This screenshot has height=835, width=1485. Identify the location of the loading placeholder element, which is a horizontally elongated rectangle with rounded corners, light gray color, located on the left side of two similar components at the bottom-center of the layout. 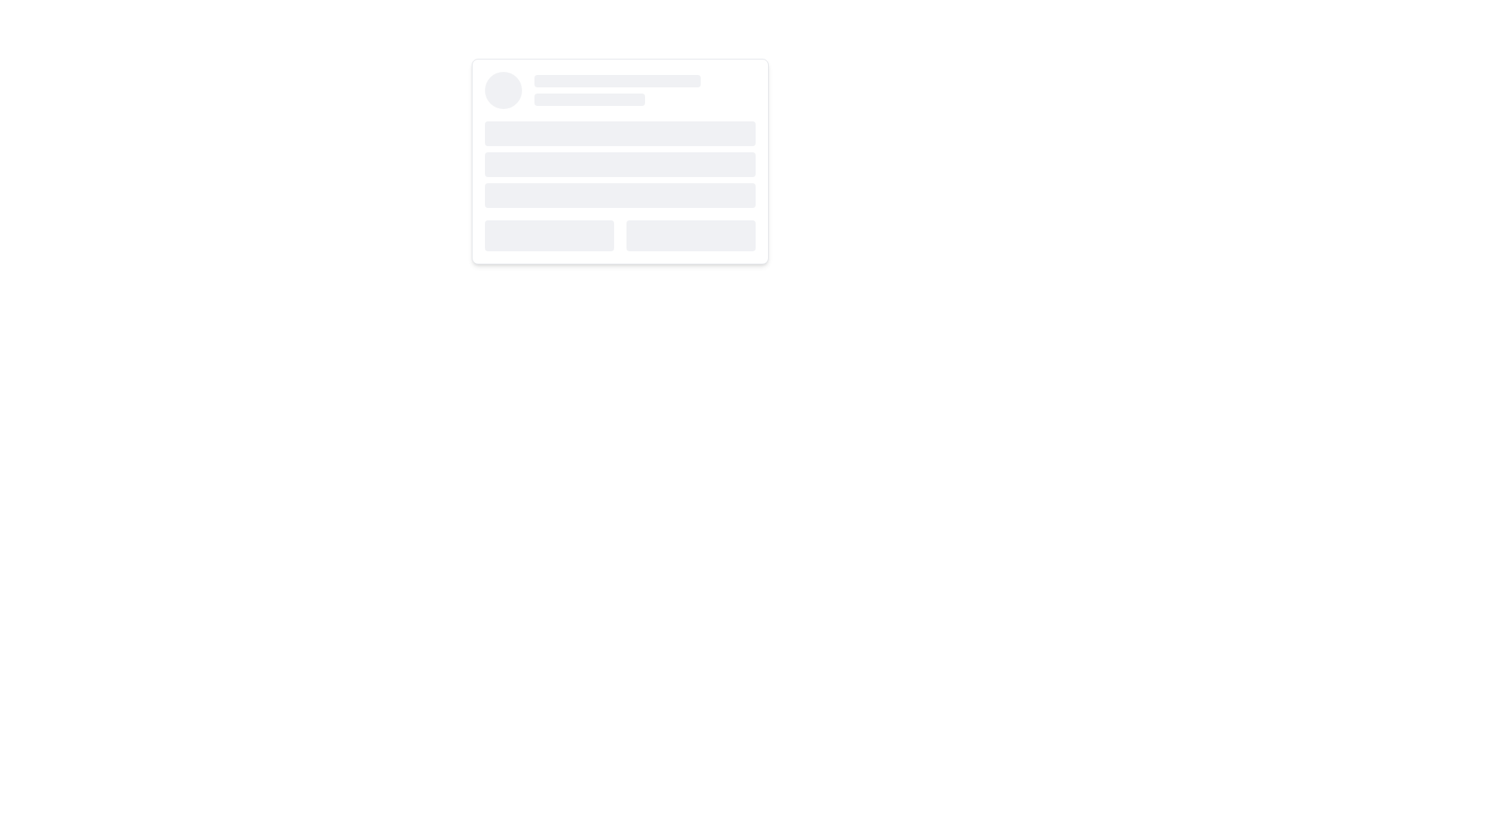
(549, 235).